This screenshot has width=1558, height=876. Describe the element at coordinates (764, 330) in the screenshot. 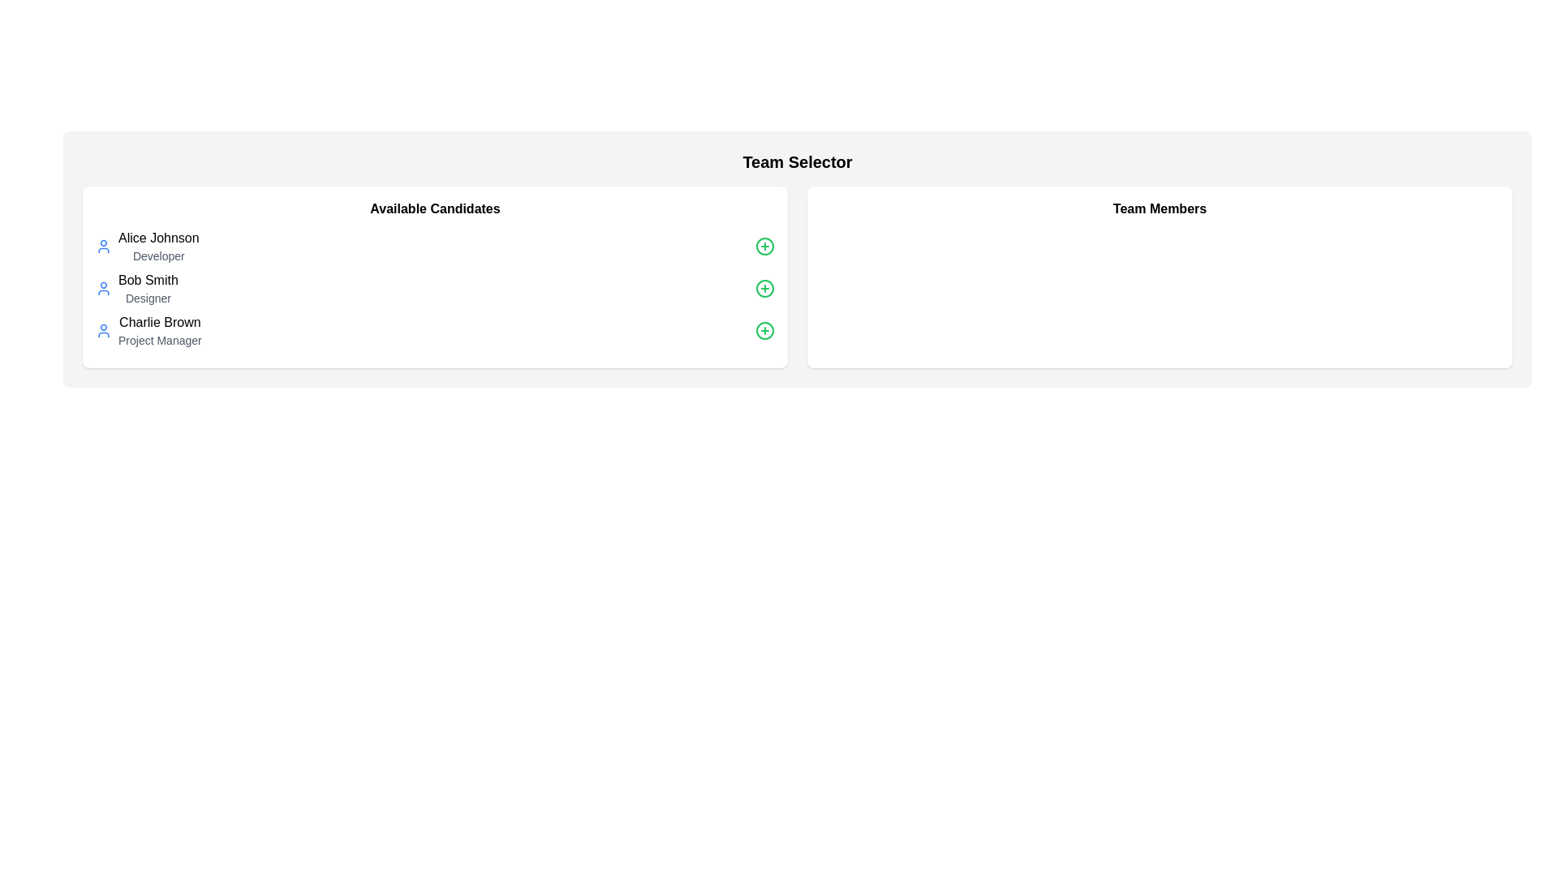

I see `the circular green button with a white plus icon located to the right of the 'Charlie Brown Project Manager' entry in the list of candidates` at that location.